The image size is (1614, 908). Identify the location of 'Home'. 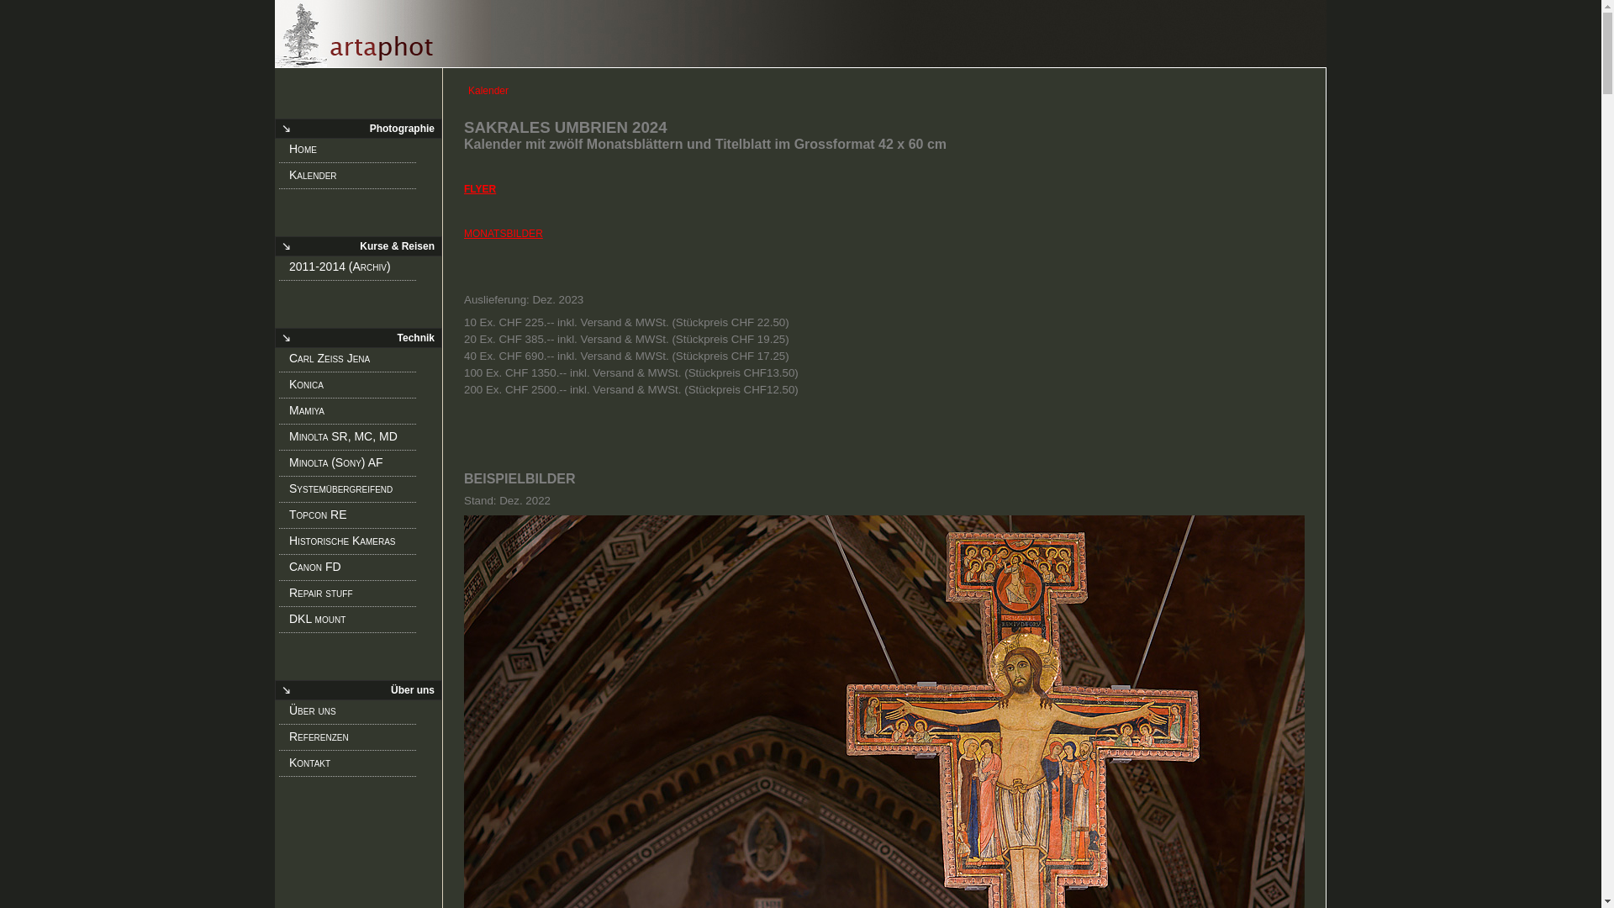
(289, 152).